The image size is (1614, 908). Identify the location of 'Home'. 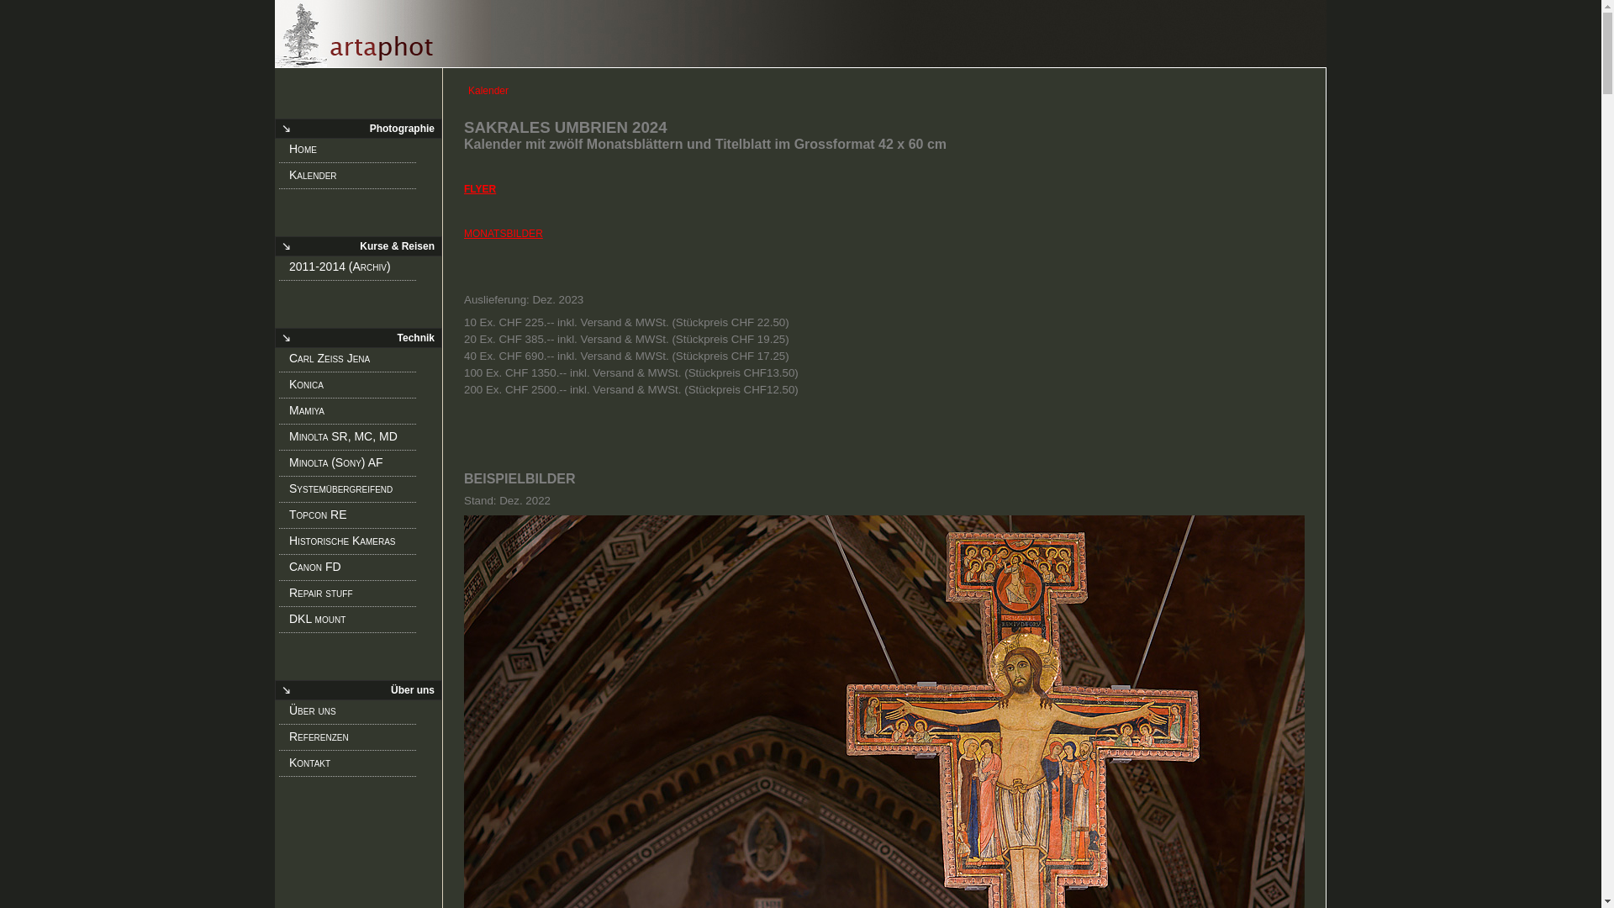
(289, 152).